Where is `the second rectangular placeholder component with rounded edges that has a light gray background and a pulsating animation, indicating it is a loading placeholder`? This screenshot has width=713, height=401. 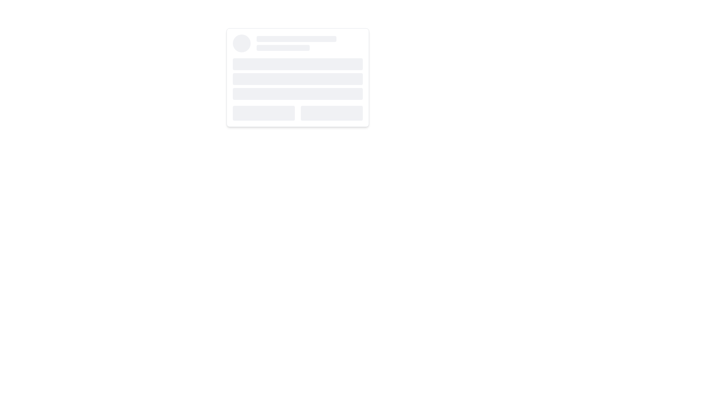 the second rectangular placeholder component with rounded edges that has a light gray background and a pulsating animation, indicating it is a loading placeholder is located at coordinates (331, 113).